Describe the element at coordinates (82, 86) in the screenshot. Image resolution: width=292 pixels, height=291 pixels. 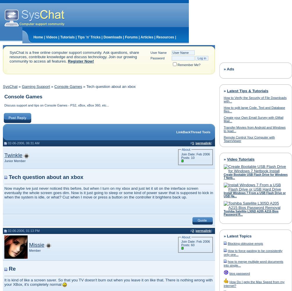
I see `'»


	
	 Tech question about an xbox'` at that location.